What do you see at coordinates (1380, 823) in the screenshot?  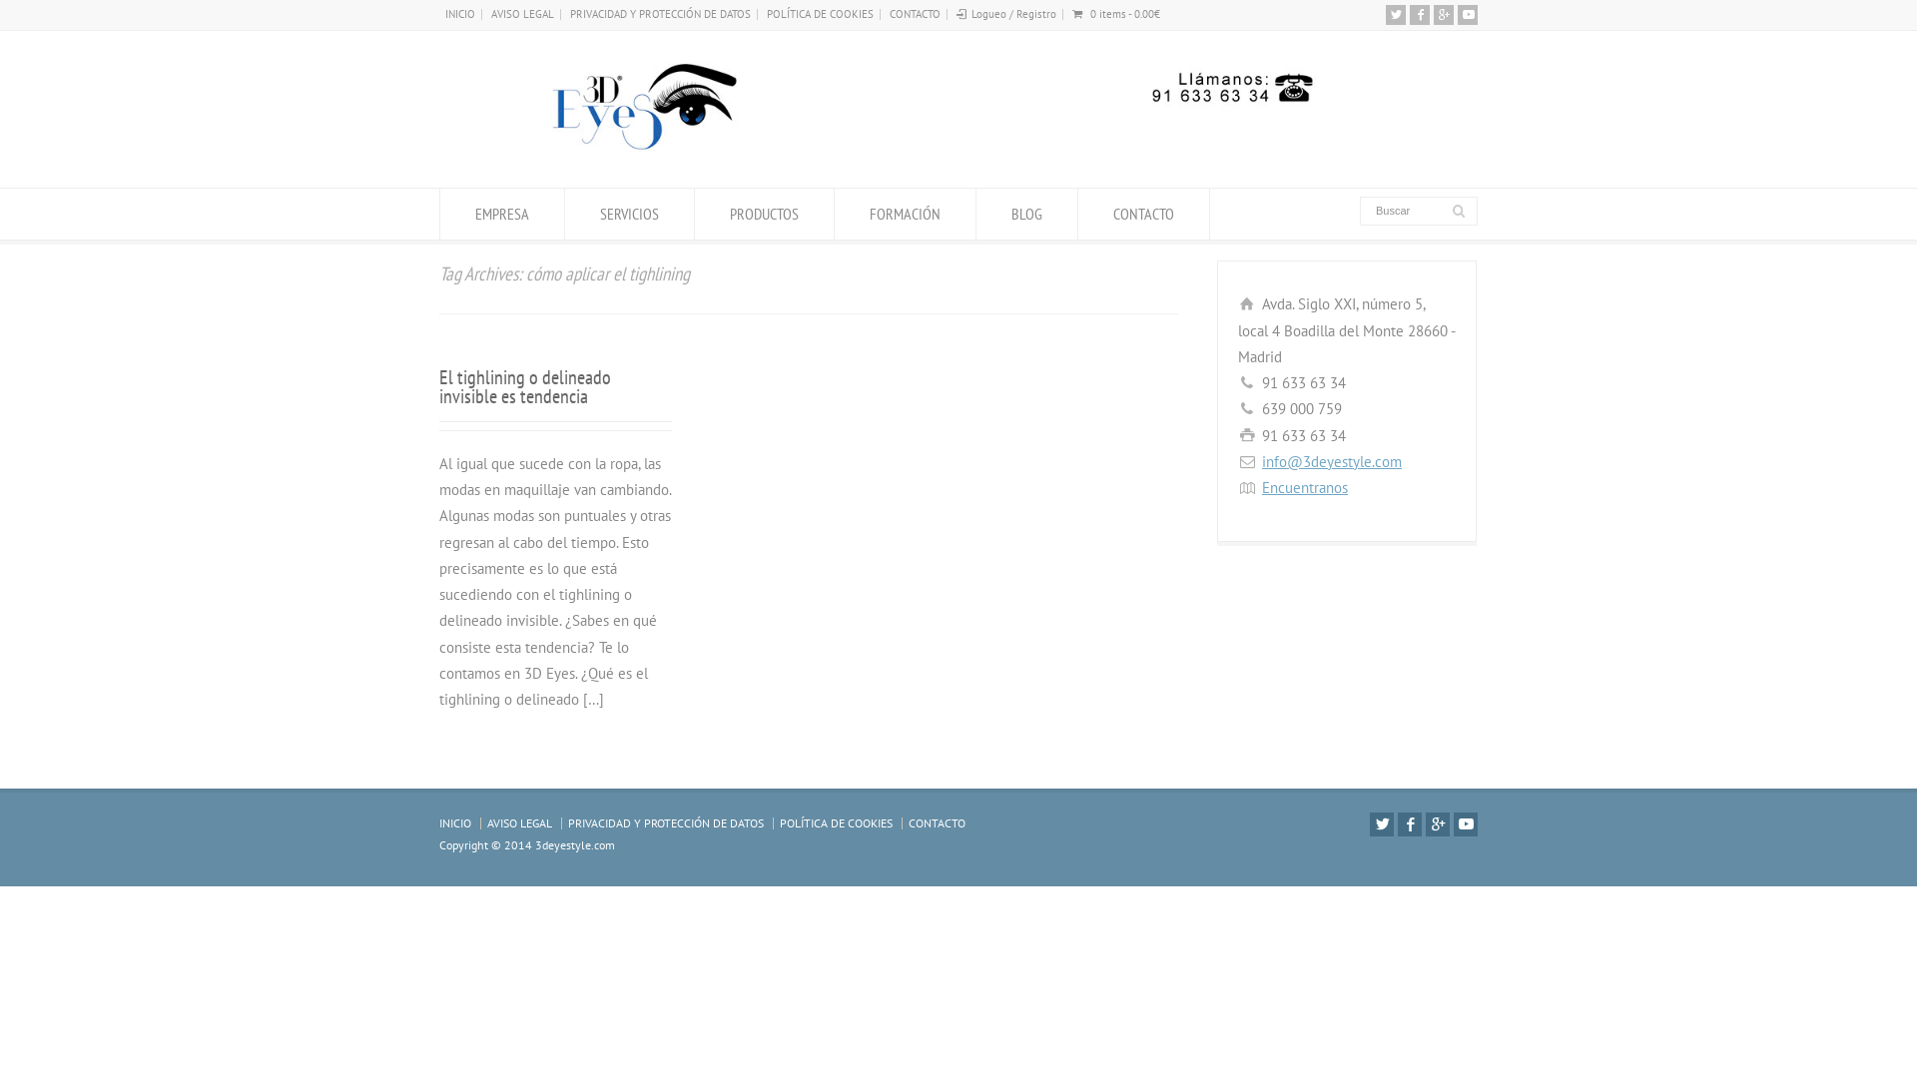 I see `'Twitter'` at bounding box center [1380, 823].